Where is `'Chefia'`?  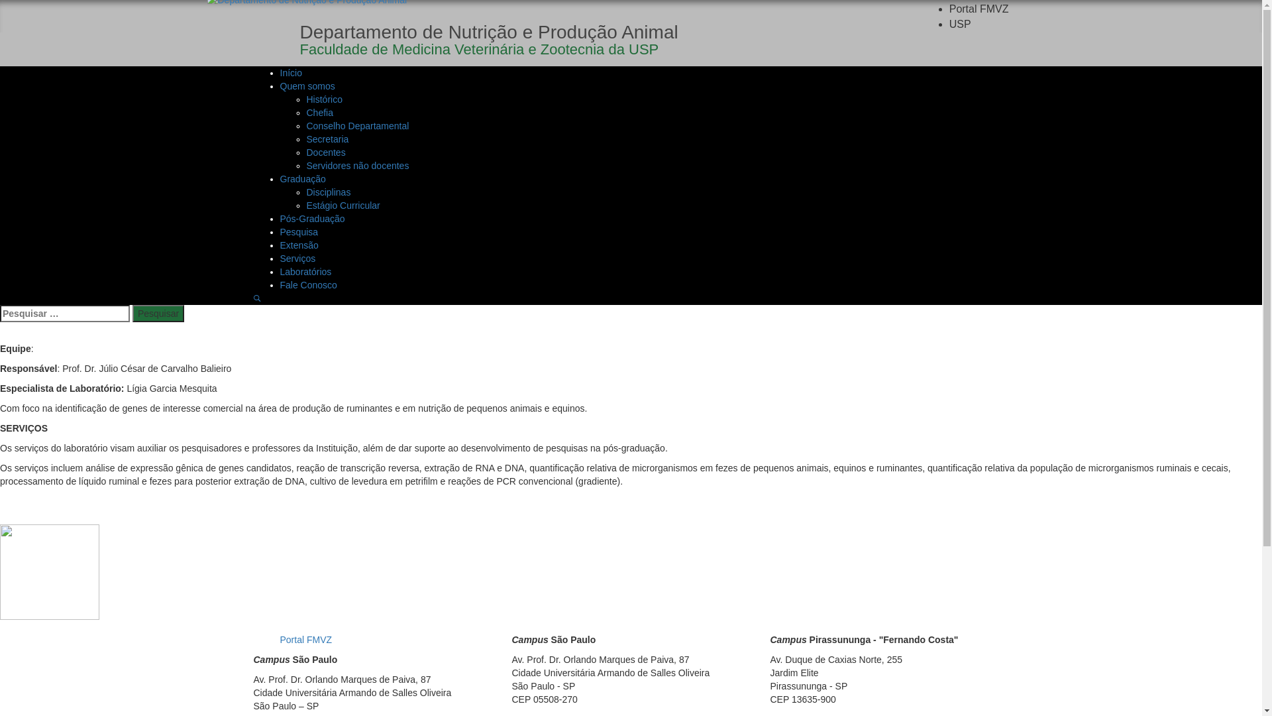 'Chefia' is located at coordinates (319, 111).